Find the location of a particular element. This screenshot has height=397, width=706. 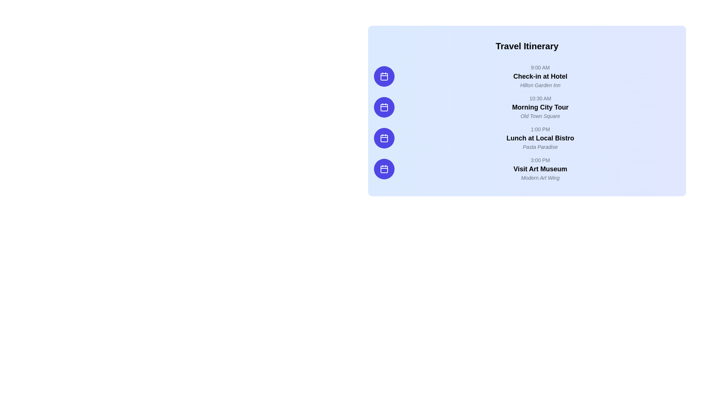

text content of the travel itinerary entry located between '9:00 AM' and '1:00 PM' is located at coordinates (527, 107).